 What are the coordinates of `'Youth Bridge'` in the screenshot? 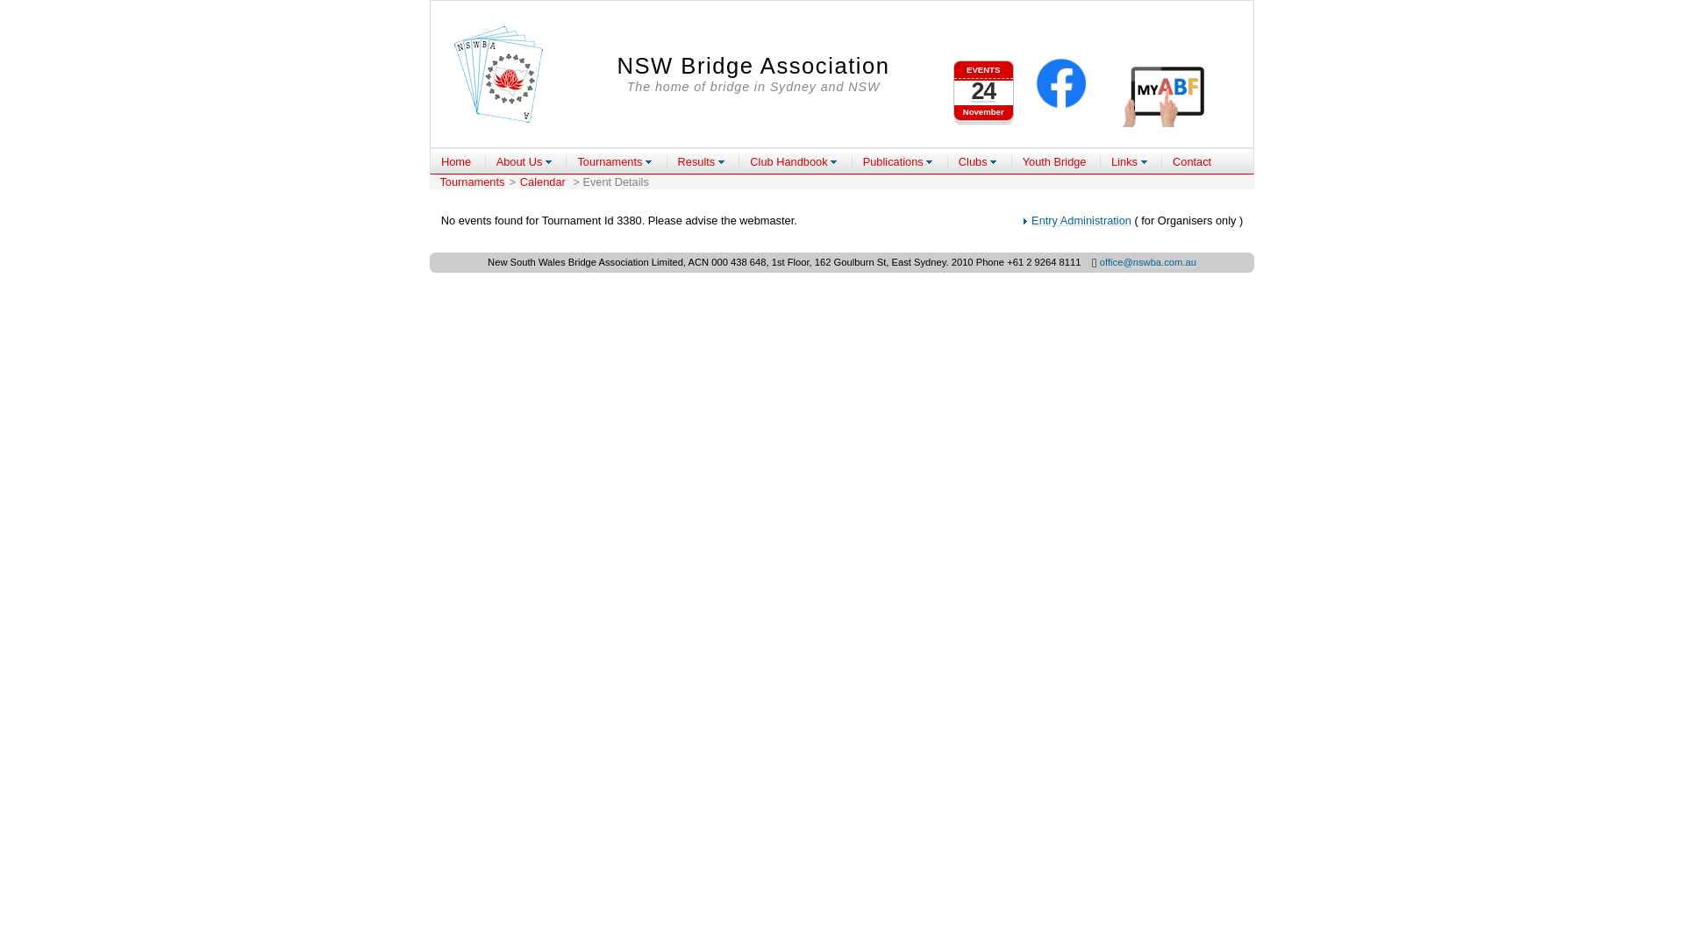 It's located at (1053, 161).